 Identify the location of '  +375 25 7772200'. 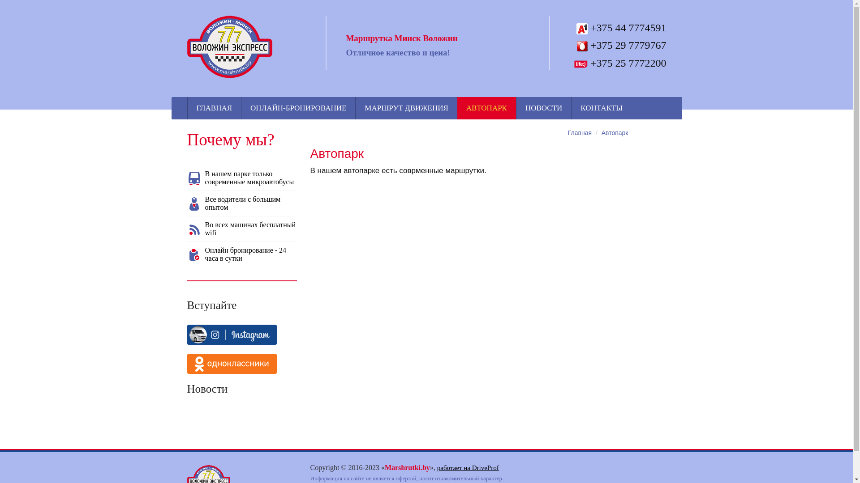
(619, 63).